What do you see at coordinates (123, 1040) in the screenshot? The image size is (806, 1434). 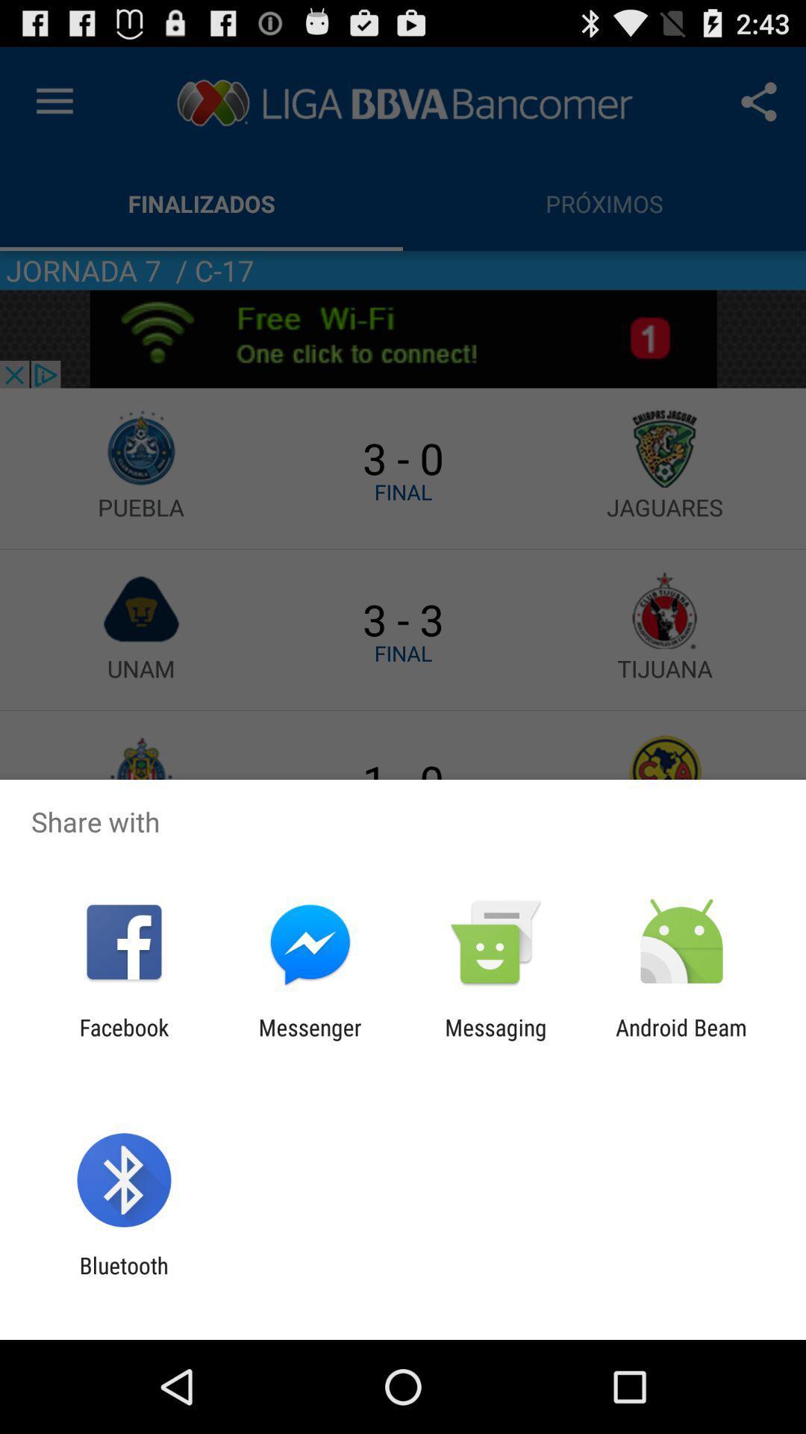 I see `app to the left of messenger app` at bounding box center [123, 1040].